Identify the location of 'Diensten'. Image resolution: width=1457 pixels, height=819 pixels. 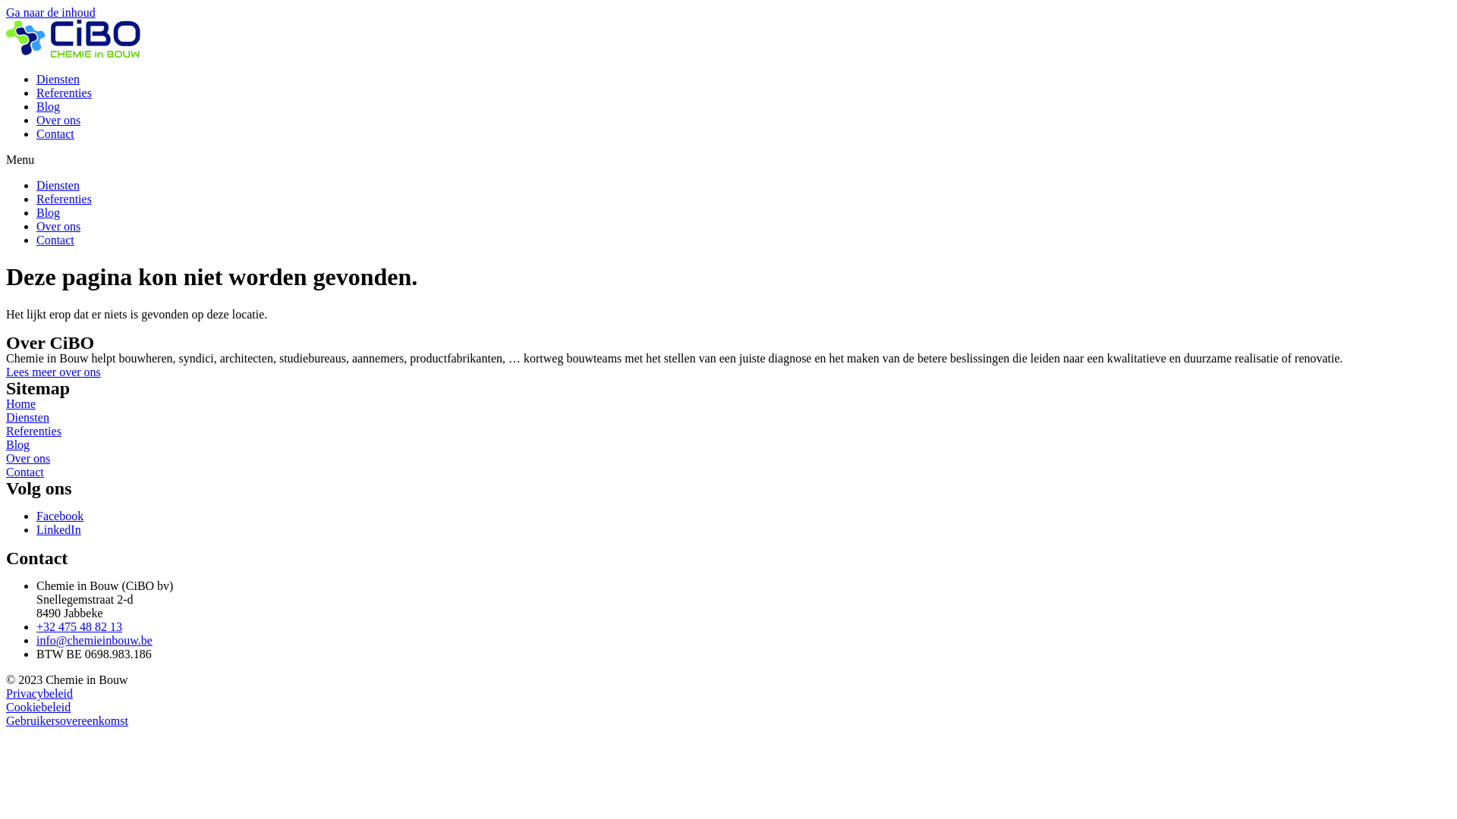
(58, 184).